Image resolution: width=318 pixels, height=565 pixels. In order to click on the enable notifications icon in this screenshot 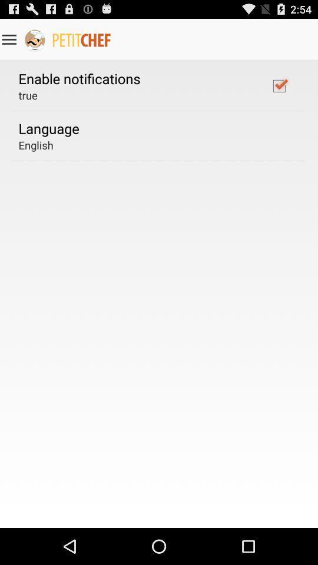, I will do `click(79, 78)`.